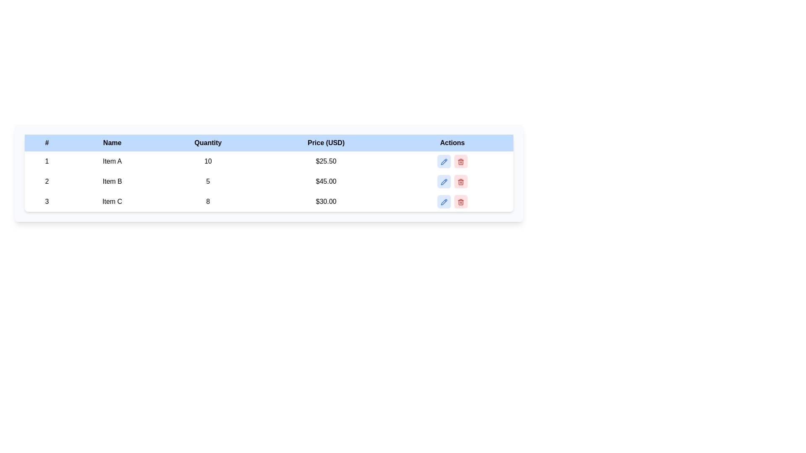 The height and width of the screenshot is (453, 806). I want to click on the delete icon button located in the last column under the 'Actions' header, so click(460, 161).